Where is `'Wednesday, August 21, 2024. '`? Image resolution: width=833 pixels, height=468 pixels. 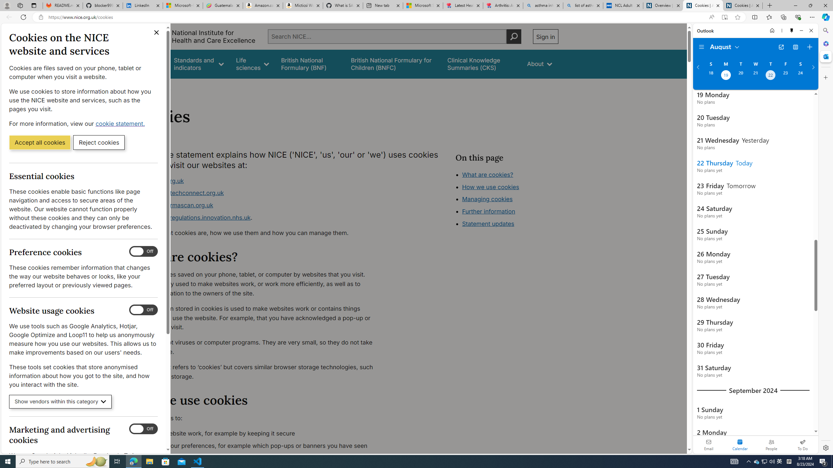
'Wednesday, August 21, 2024. ' is located at coordinates (755, 76).